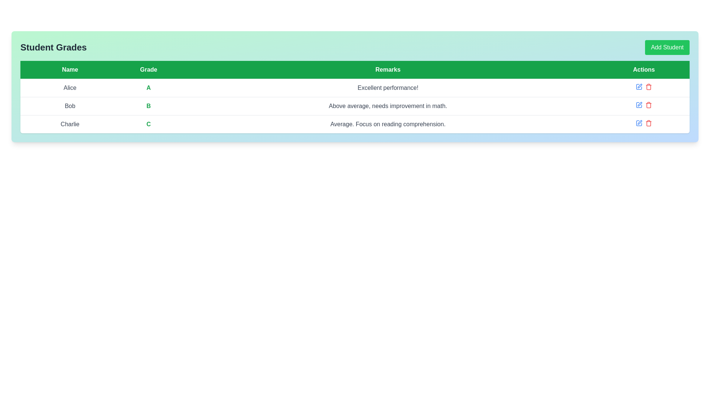 This screenshot has width=713, height=401. What do you see at coordinates (643, 87) in the screenshot?
I see `the edit icon in the interactive controls group for the first data row, which corresponds to 'Alice's' performance, to modify the data` at bounding box center [643, 87].